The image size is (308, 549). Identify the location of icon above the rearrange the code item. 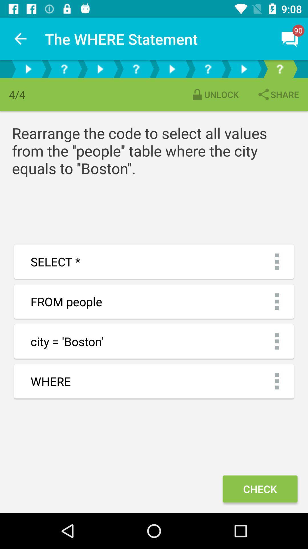
(214, 94).